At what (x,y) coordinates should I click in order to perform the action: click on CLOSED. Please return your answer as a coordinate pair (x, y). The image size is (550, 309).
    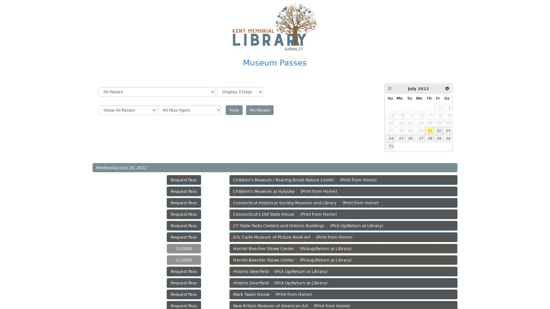
    Looking at the image, I should click on (184, 260).